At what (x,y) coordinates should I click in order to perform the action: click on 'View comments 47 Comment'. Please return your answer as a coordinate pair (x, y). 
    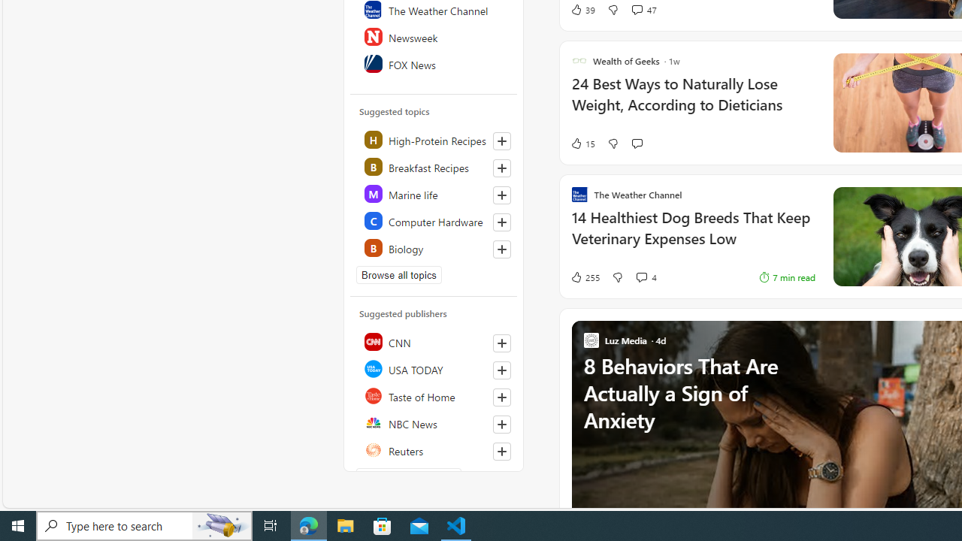
    Looking at the image, I should click on (637, 9).